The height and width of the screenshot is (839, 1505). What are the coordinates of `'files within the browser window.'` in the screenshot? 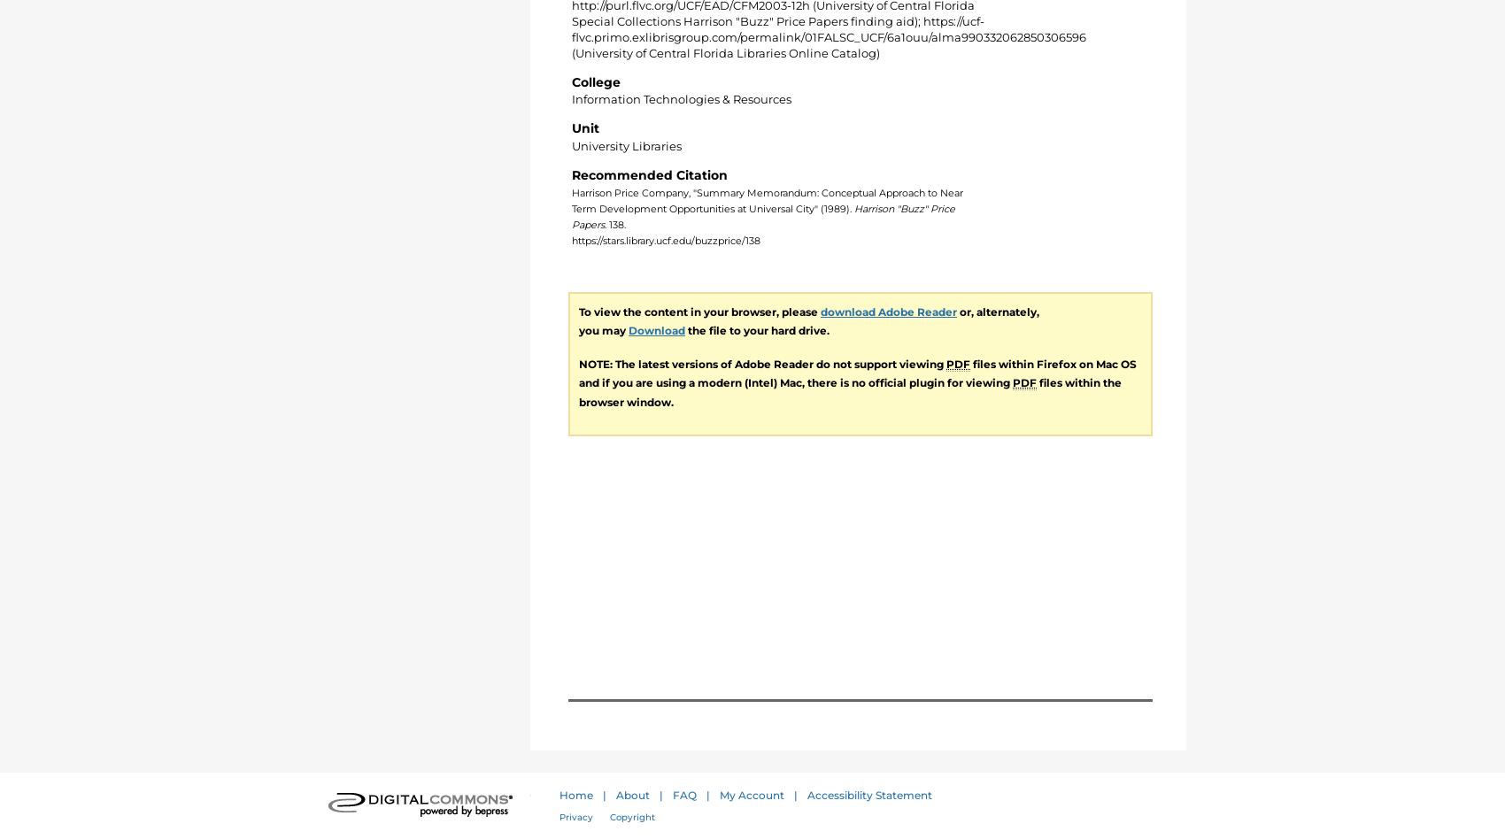 It's located at (578, 391).